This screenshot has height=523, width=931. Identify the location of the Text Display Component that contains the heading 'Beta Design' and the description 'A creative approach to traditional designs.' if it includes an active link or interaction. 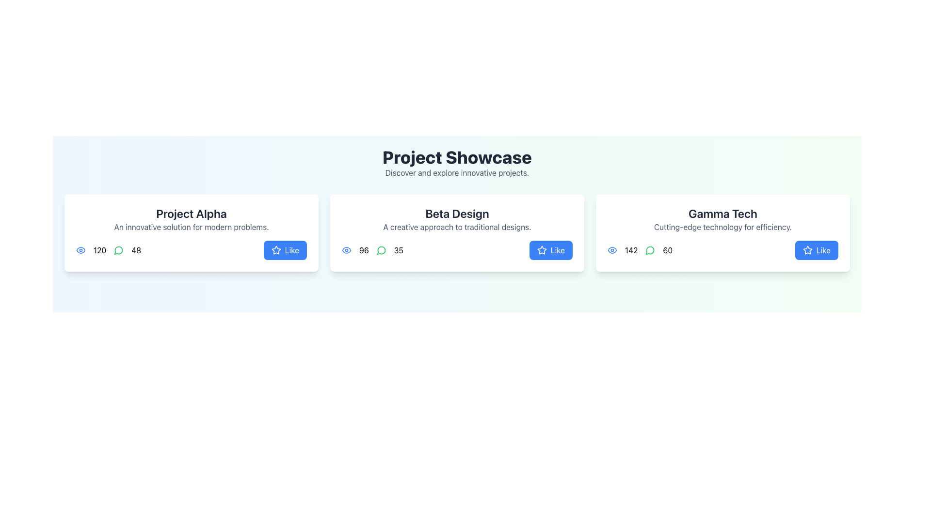
(456, 219).